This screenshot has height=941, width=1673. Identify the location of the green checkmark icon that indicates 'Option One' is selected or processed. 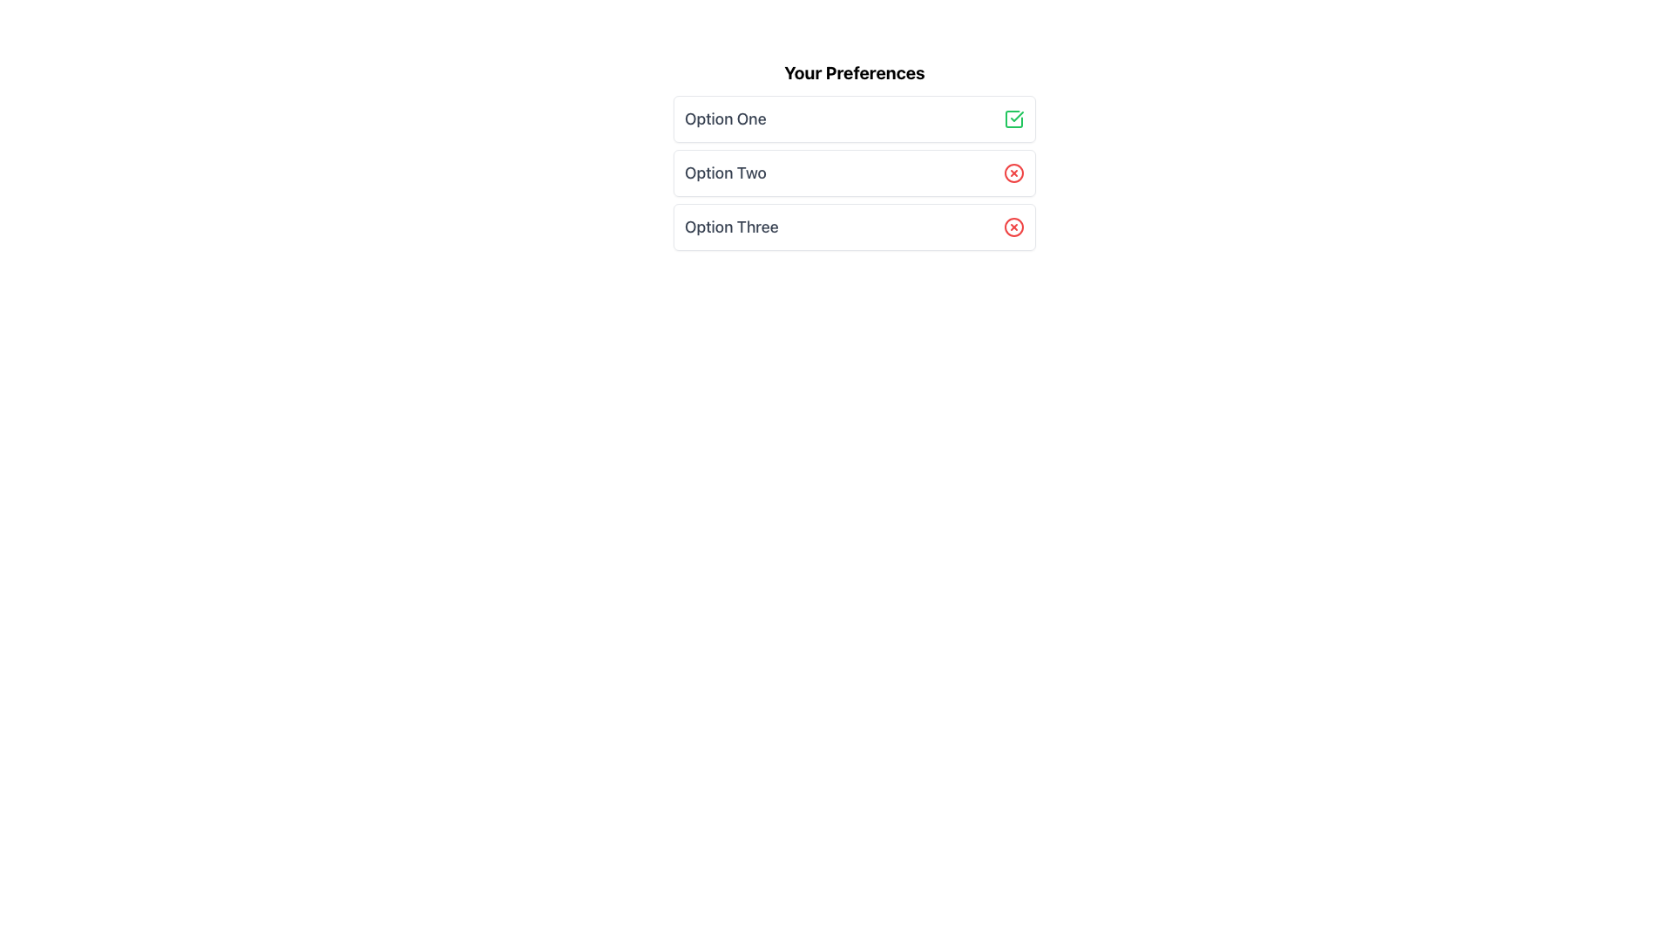
(1017, 117).